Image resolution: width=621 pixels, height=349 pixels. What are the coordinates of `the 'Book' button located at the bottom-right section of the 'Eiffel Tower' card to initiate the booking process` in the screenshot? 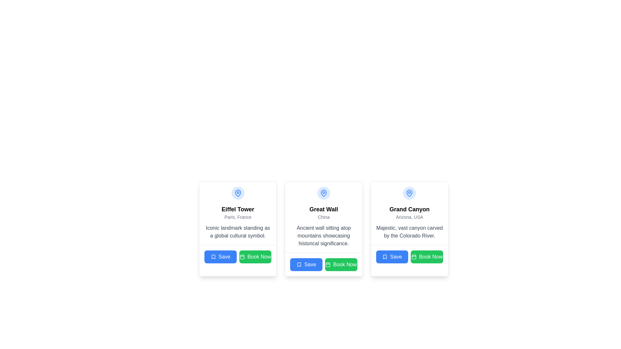 It's located at (255, 256).